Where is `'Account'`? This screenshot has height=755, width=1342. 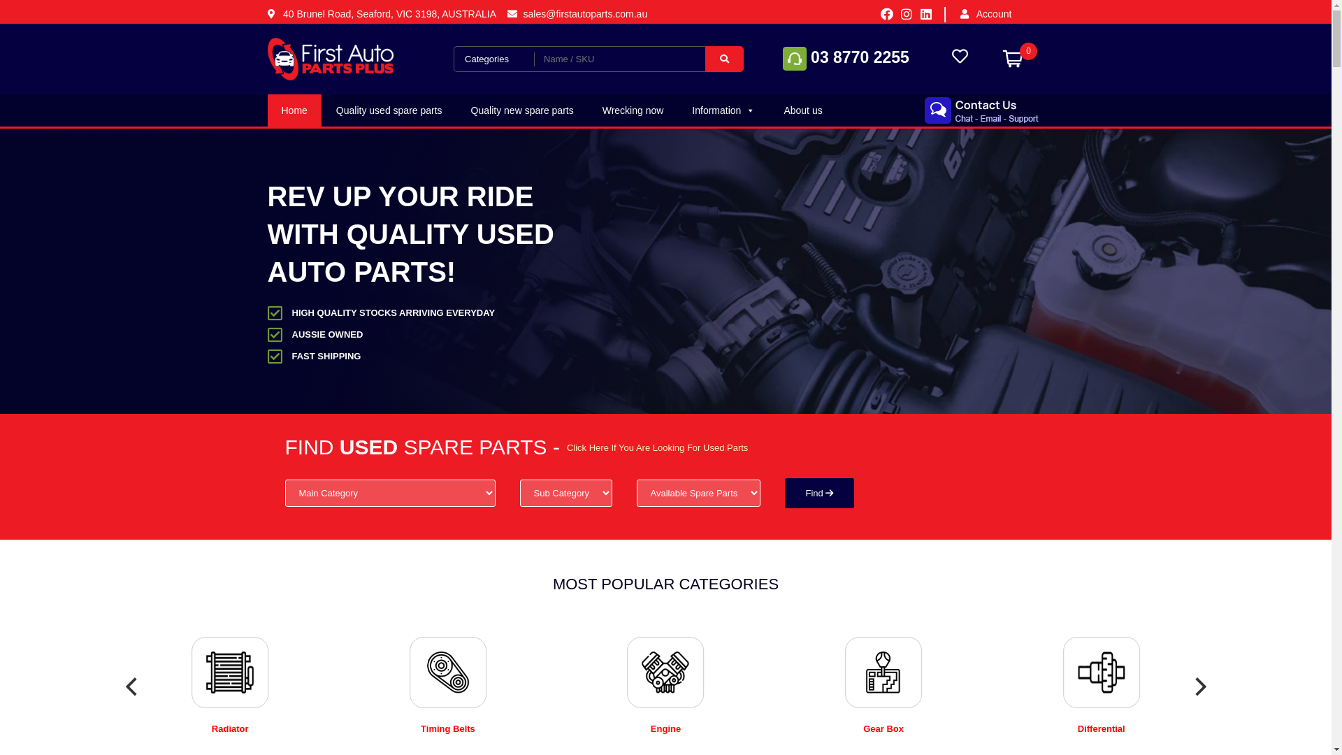 'Account' is located at coordinates (959, 14).